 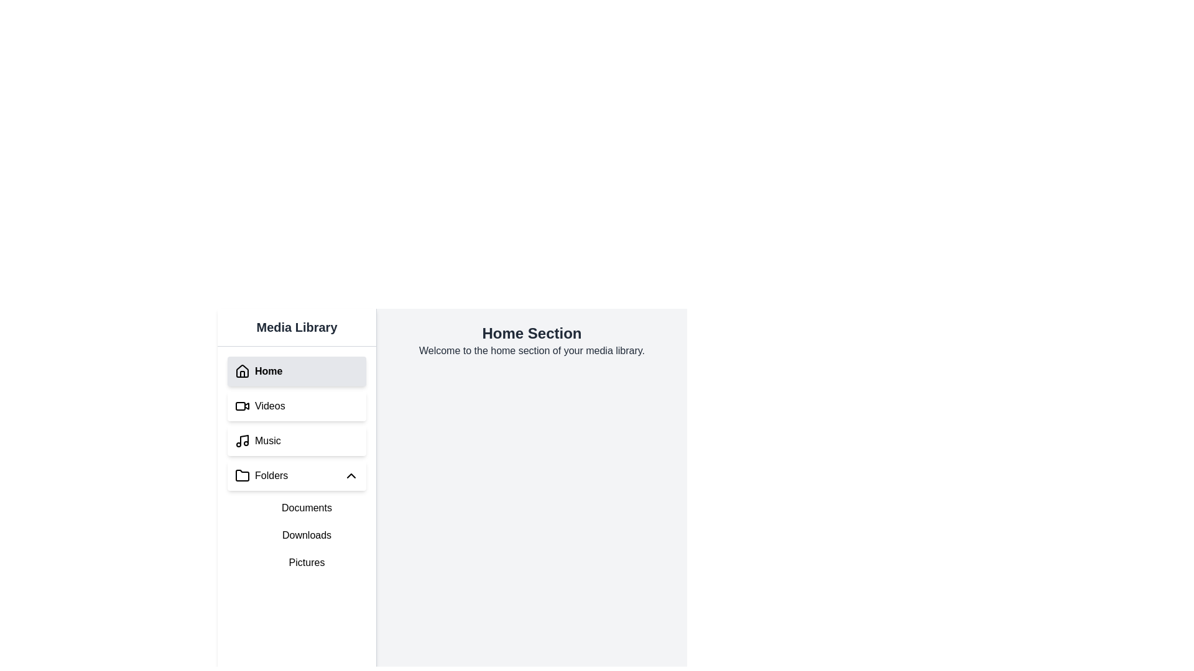 I want to click on the text label for the fourth item in the vertical navigation menu, which indicates managing or exploring folders, located in the 'Media Library' section, so click(x=271, y=475).